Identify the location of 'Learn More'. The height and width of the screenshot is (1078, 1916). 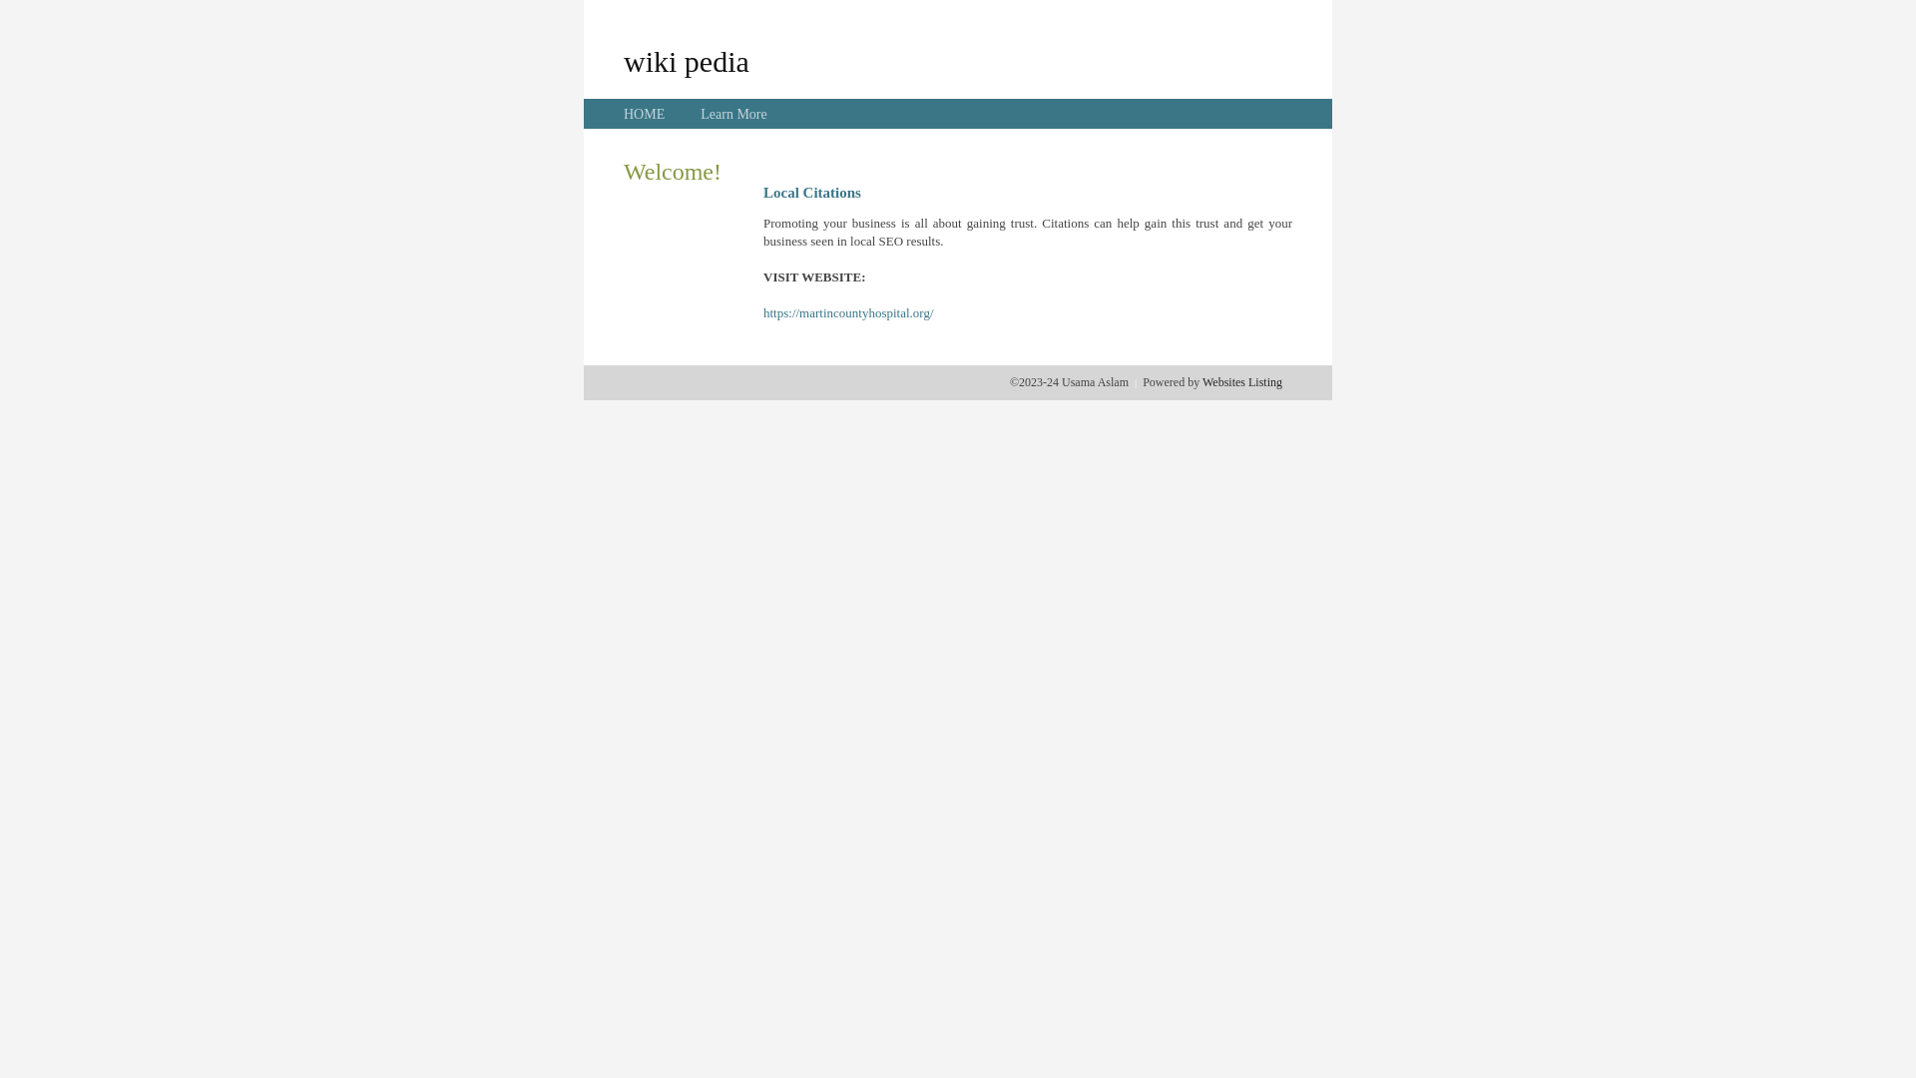
(700, 114).